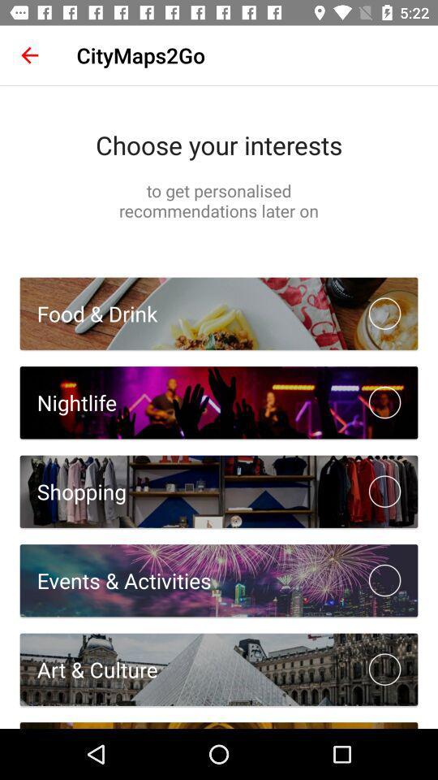 The width and height of the screenshot is (438, 780). Describe the element at coordinates (219, 144) in the screenshot. I see `the choose your interests icon` at that location.